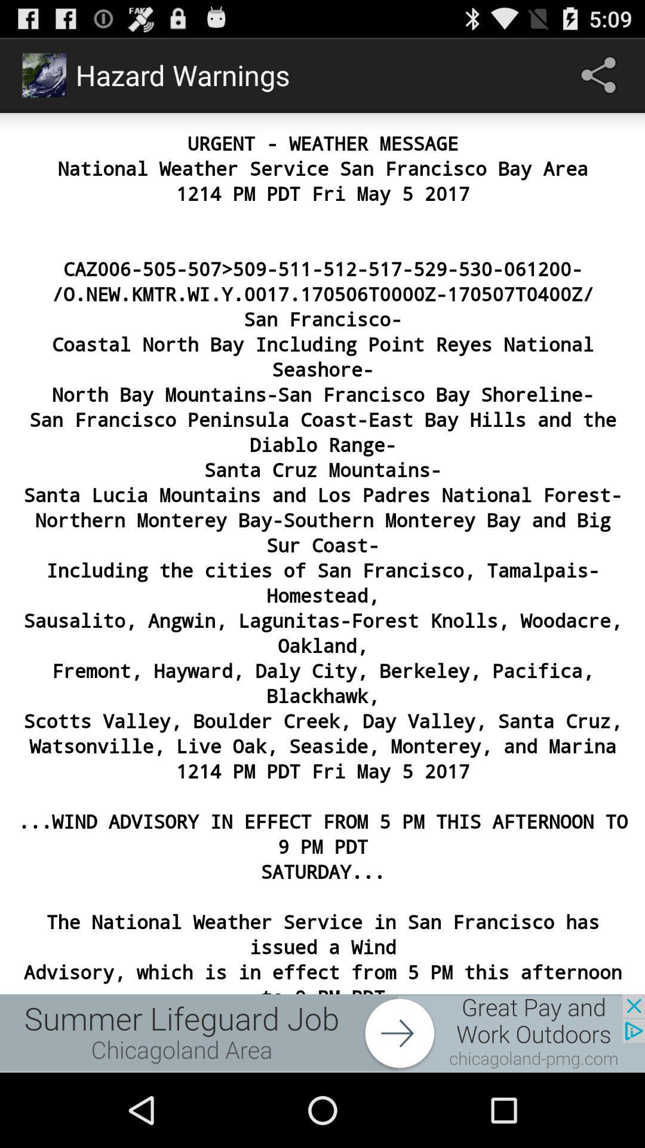 The height and width of the screenshot is (1148, 645). What do you see at coordinates (322, 1033) in the screenshot?
I see `advertisement` at bounding box center [322, 1033].